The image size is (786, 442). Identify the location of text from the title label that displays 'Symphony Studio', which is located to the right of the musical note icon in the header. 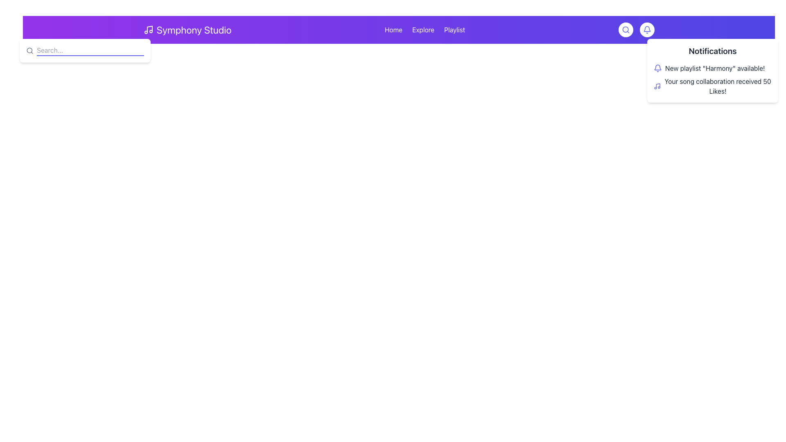
(194, 29).